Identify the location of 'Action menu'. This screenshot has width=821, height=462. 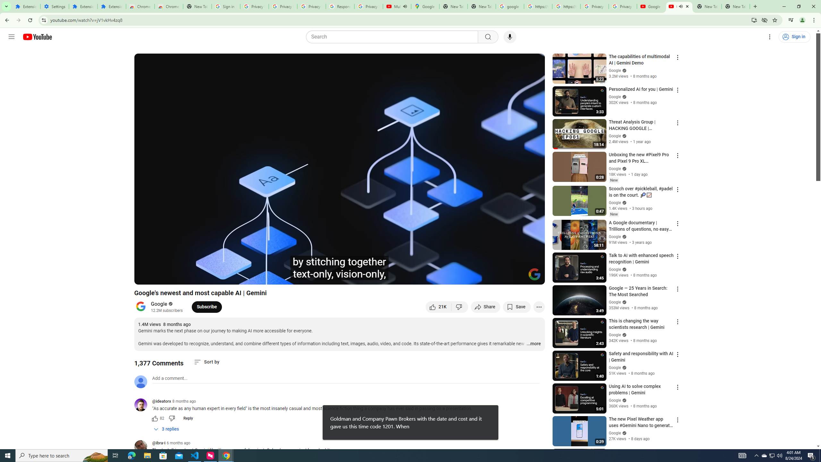
(677, 452).